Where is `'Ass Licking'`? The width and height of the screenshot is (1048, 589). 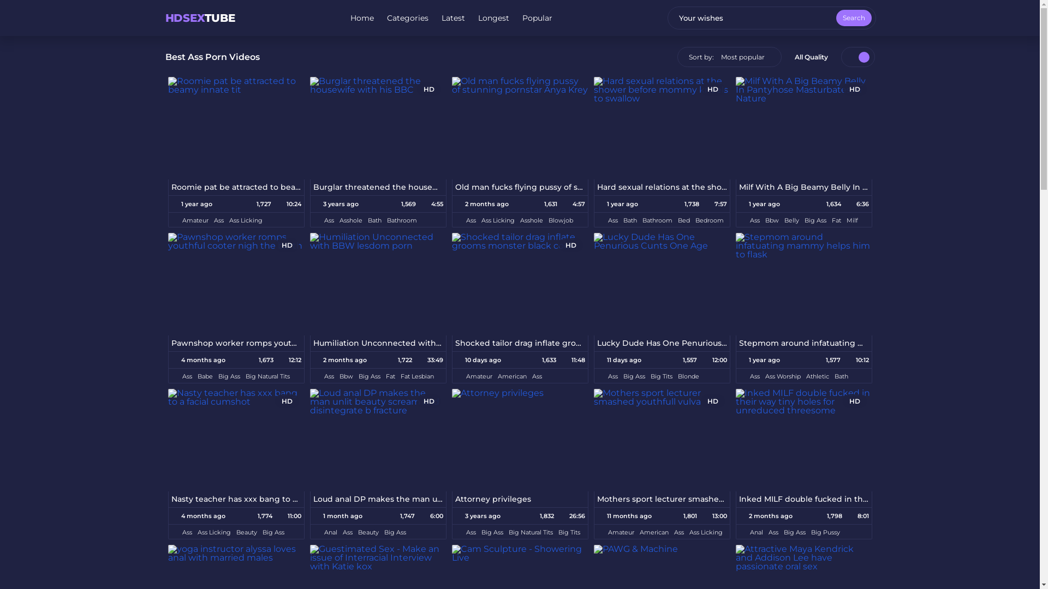 'Ass Licking' is located at coordinates (229, 220).